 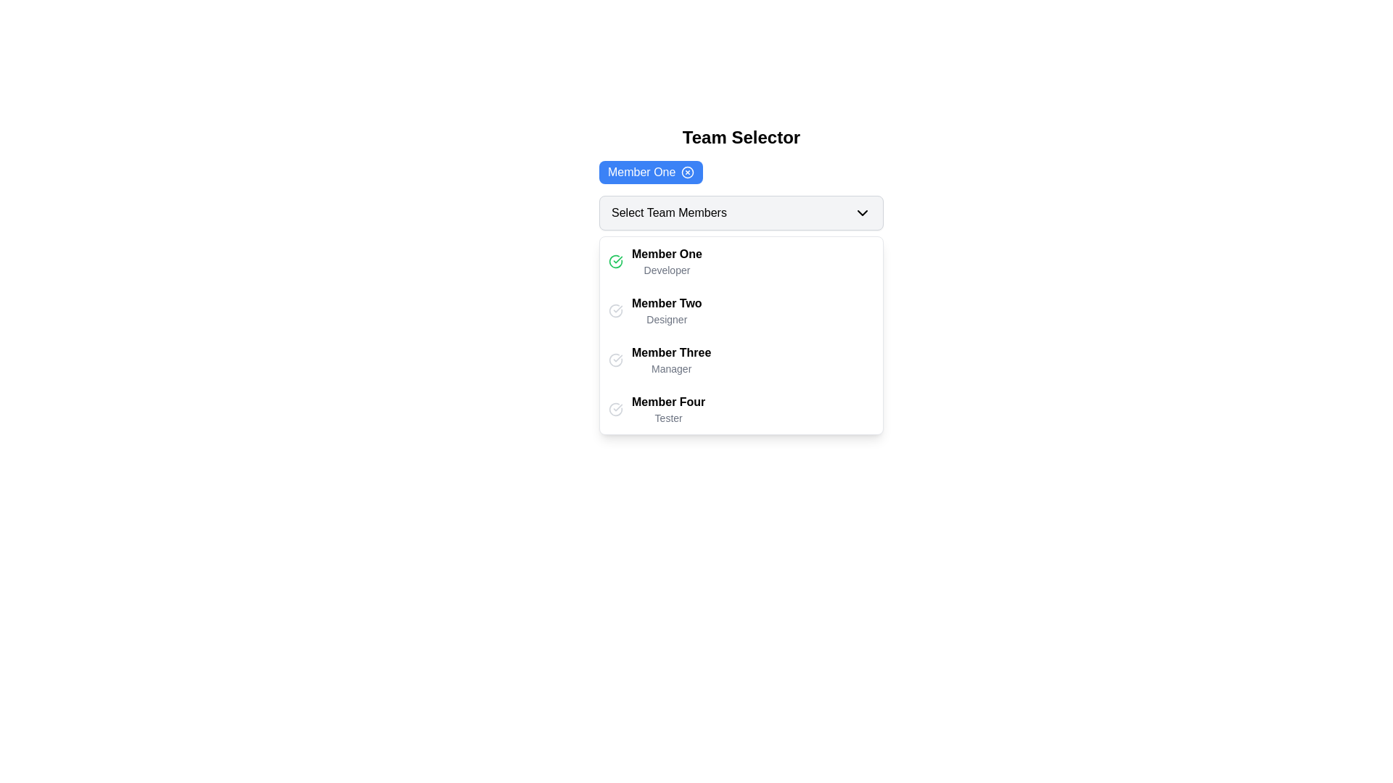 What do you see at coordinates (670, 360) in the screenshot?
I see `the list item labeled 'Member Three' with the subtitle 'Manager' in the dropdown under 'Select Team Members' in the 'Team Selector' interface` at bounding box center [670, 360].